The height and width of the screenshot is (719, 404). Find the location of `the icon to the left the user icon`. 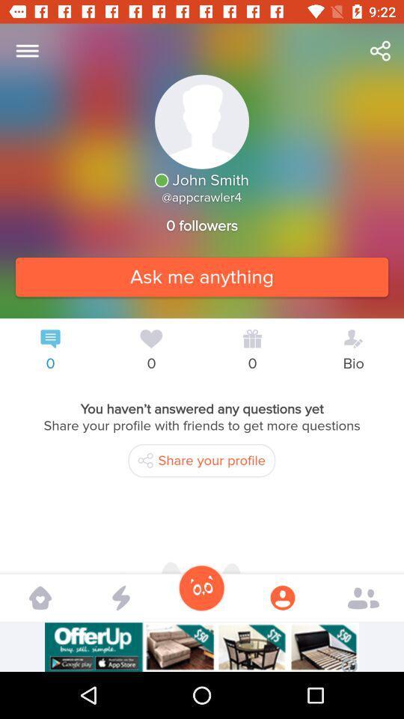

the icon to the left the user icon is located at coordinates (202, 588).